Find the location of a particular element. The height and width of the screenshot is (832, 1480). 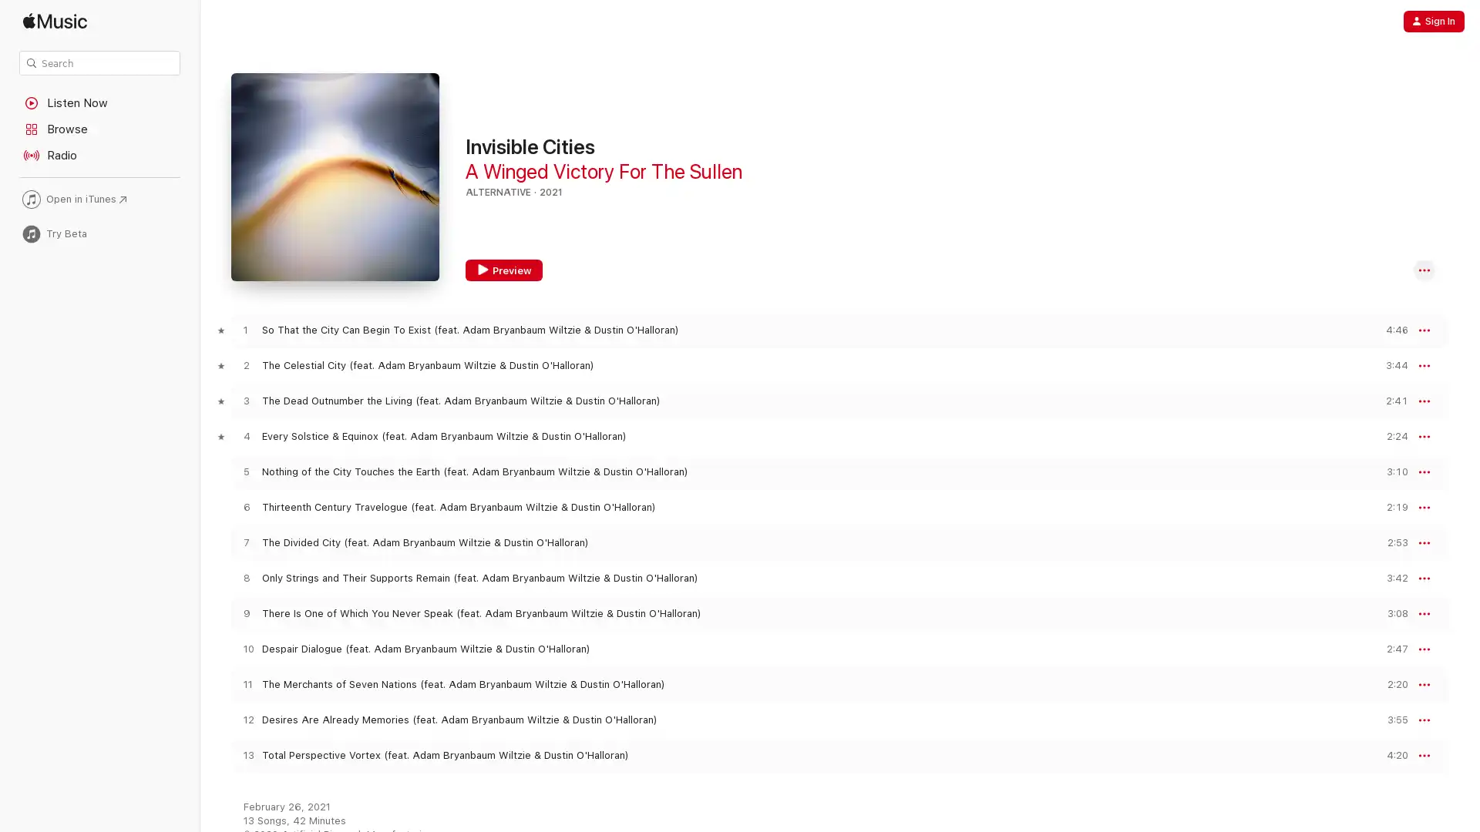

More is located at coordinates (1424, 437).